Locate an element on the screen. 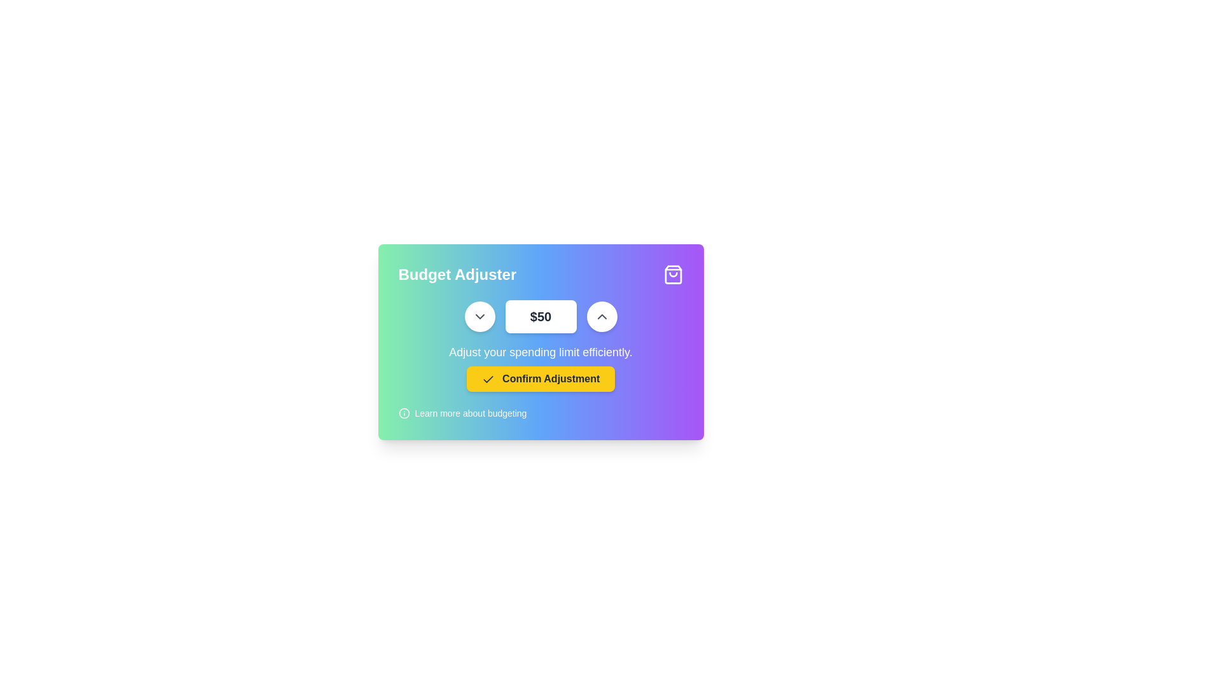 The height and width of the screenshot is (687, 1221). the 'Learn more about budgeting' hyperlink, which is styled with small white text and an accompanying circular 'info' icon, located at the bottom of the 'Budget Adjuster' card interface is located at coordinates (462, 413).